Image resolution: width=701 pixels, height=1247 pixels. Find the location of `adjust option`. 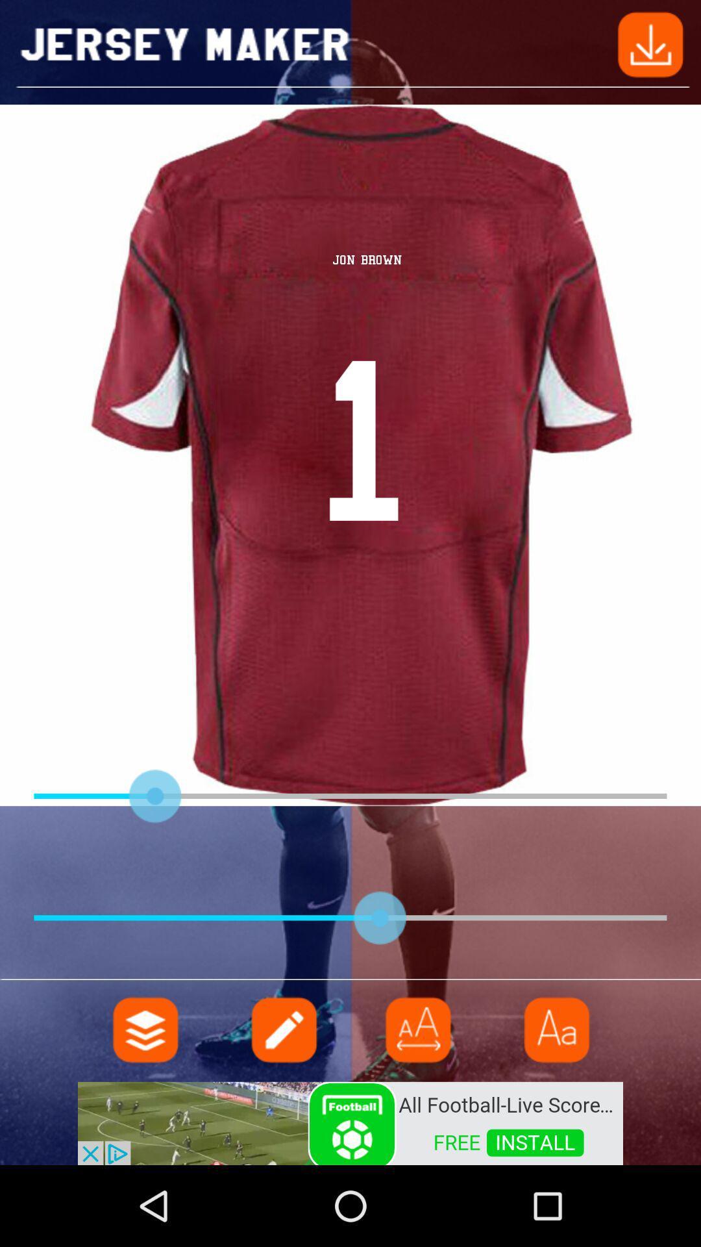

adjust option is located at coordinates (418, 1029).